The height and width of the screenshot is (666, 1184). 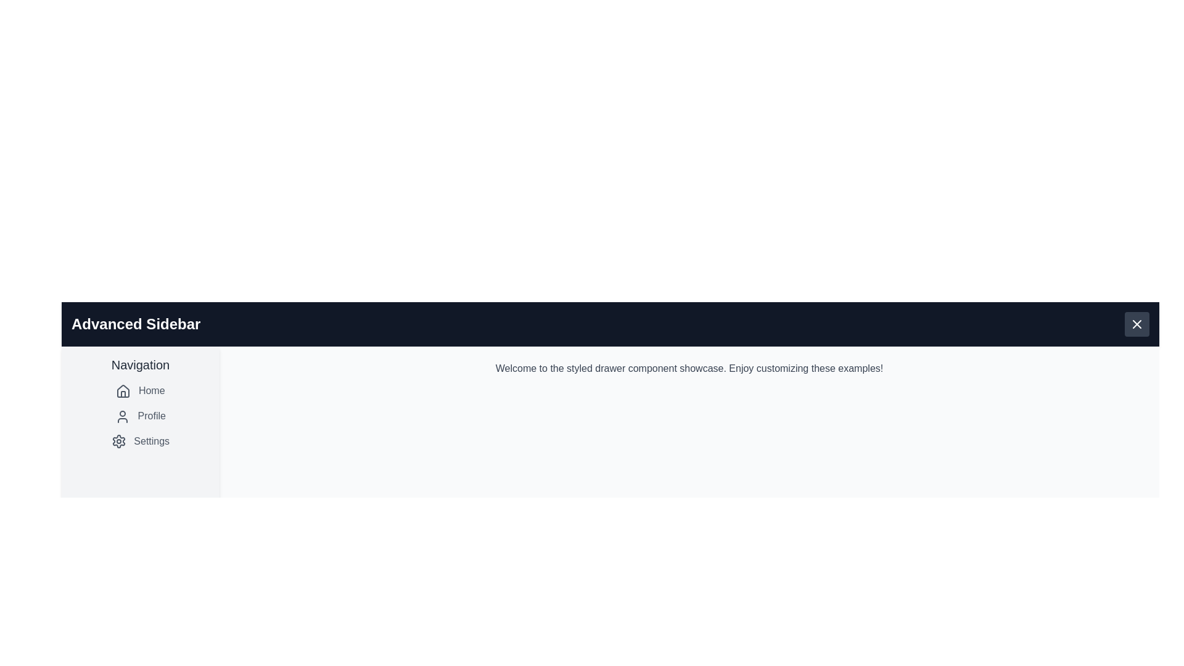 What do you see at coordinates (1136, 323) in the screenshot?
I see `the close icon button, which is a small icon resembling an 'X' with a white outline against a dark gray background, located in the top-right corner of the header section` at bounding box center [1136, 323].